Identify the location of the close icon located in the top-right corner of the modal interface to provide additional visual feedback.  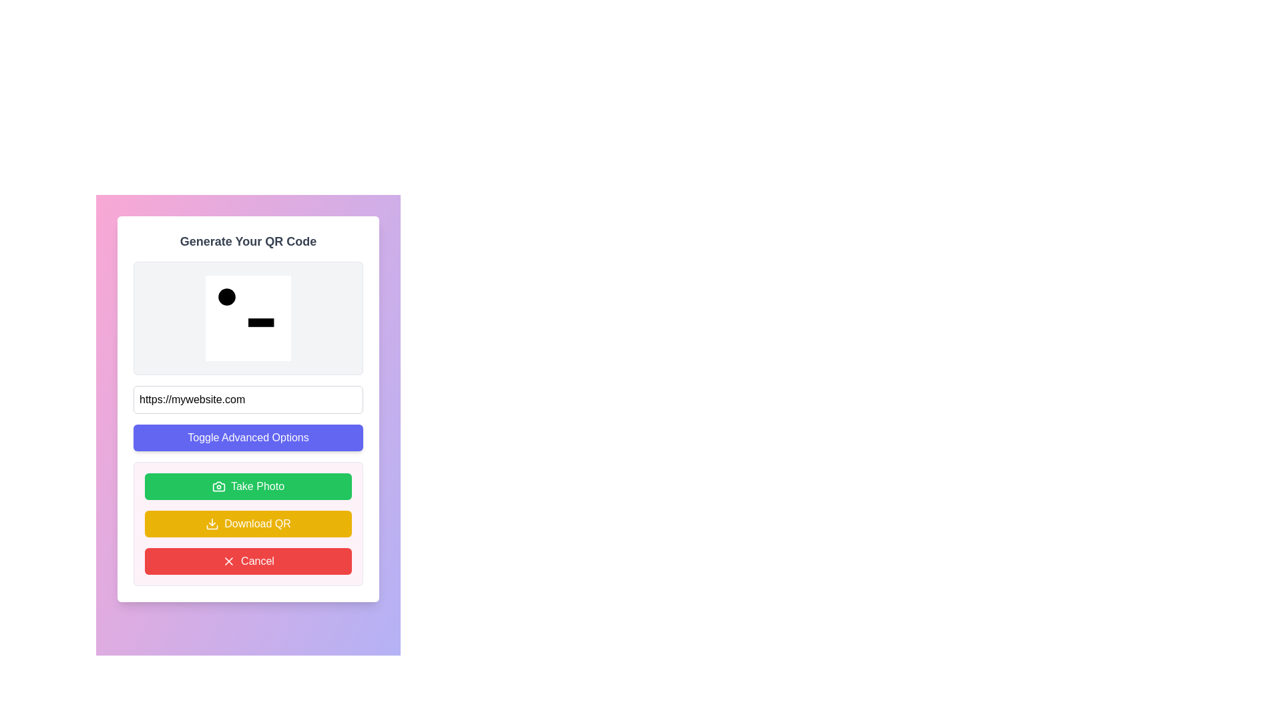
(229, 561).